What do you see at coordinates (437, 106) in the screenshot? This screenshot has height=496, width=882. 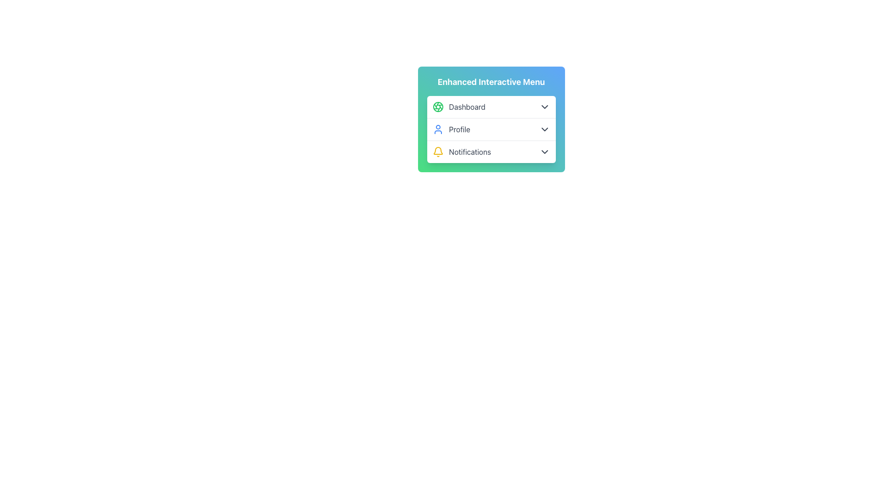 I see `the circular part of the SVG icon representing an aperture, located at the top-center region` at bounding box center [437, 106].